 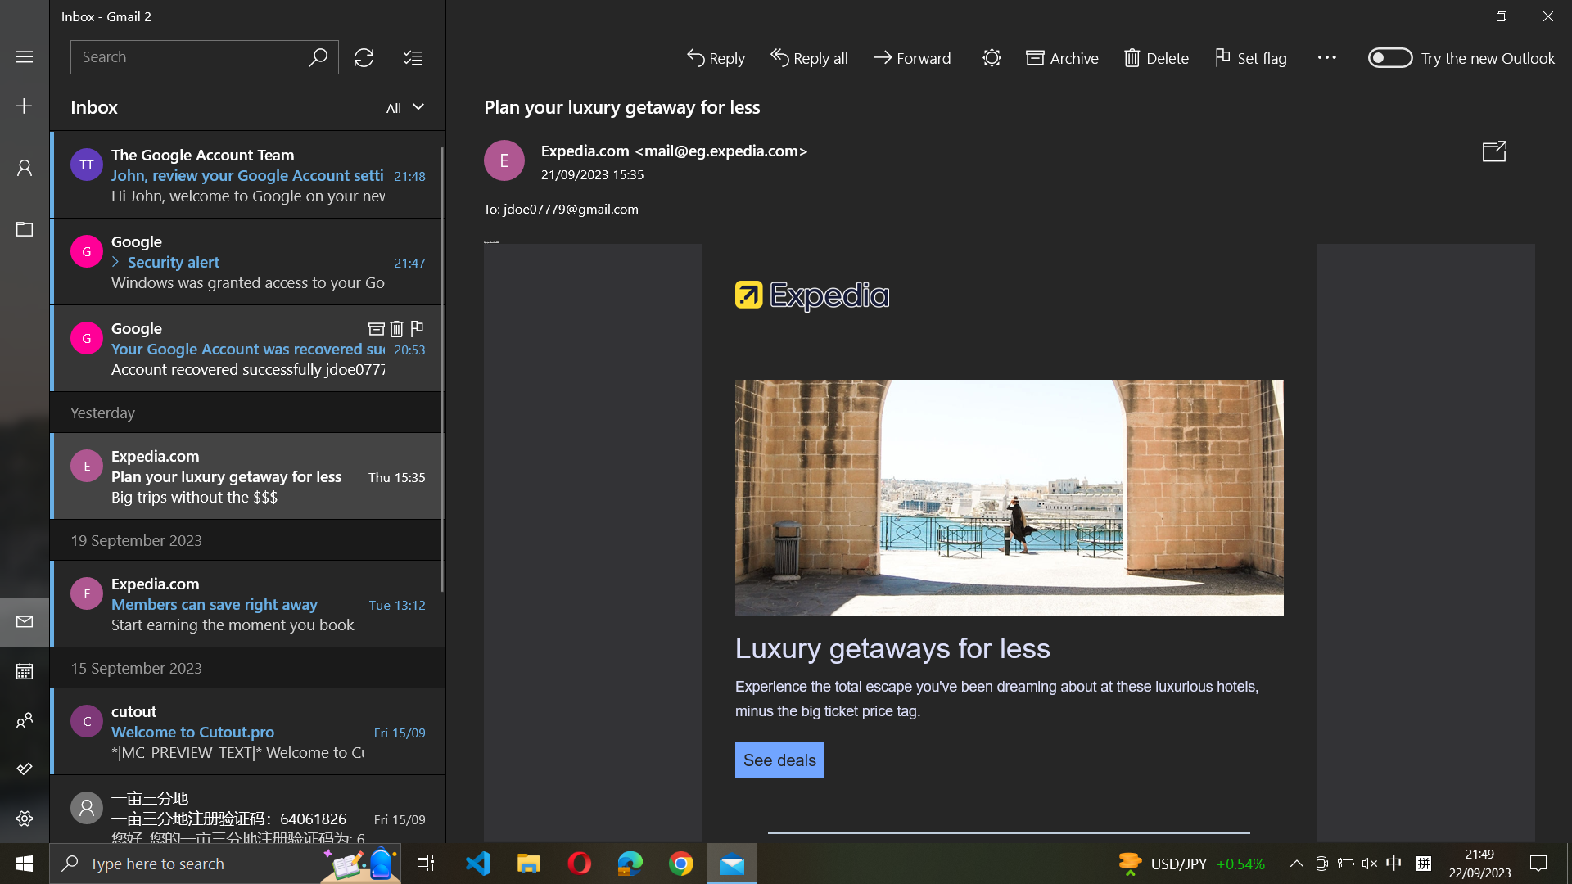 I want to click on View the first email in your inbox, so click(x=247, y=174).